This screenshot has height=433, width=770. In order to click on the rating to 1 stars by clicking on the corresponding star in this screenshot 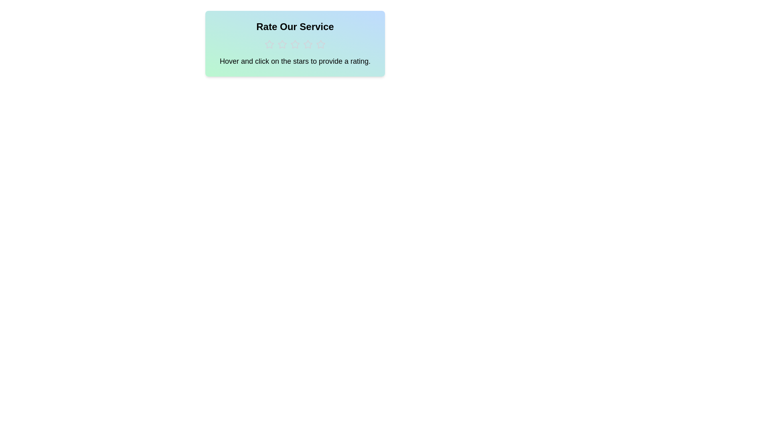, I will do `click(269, 45)`.